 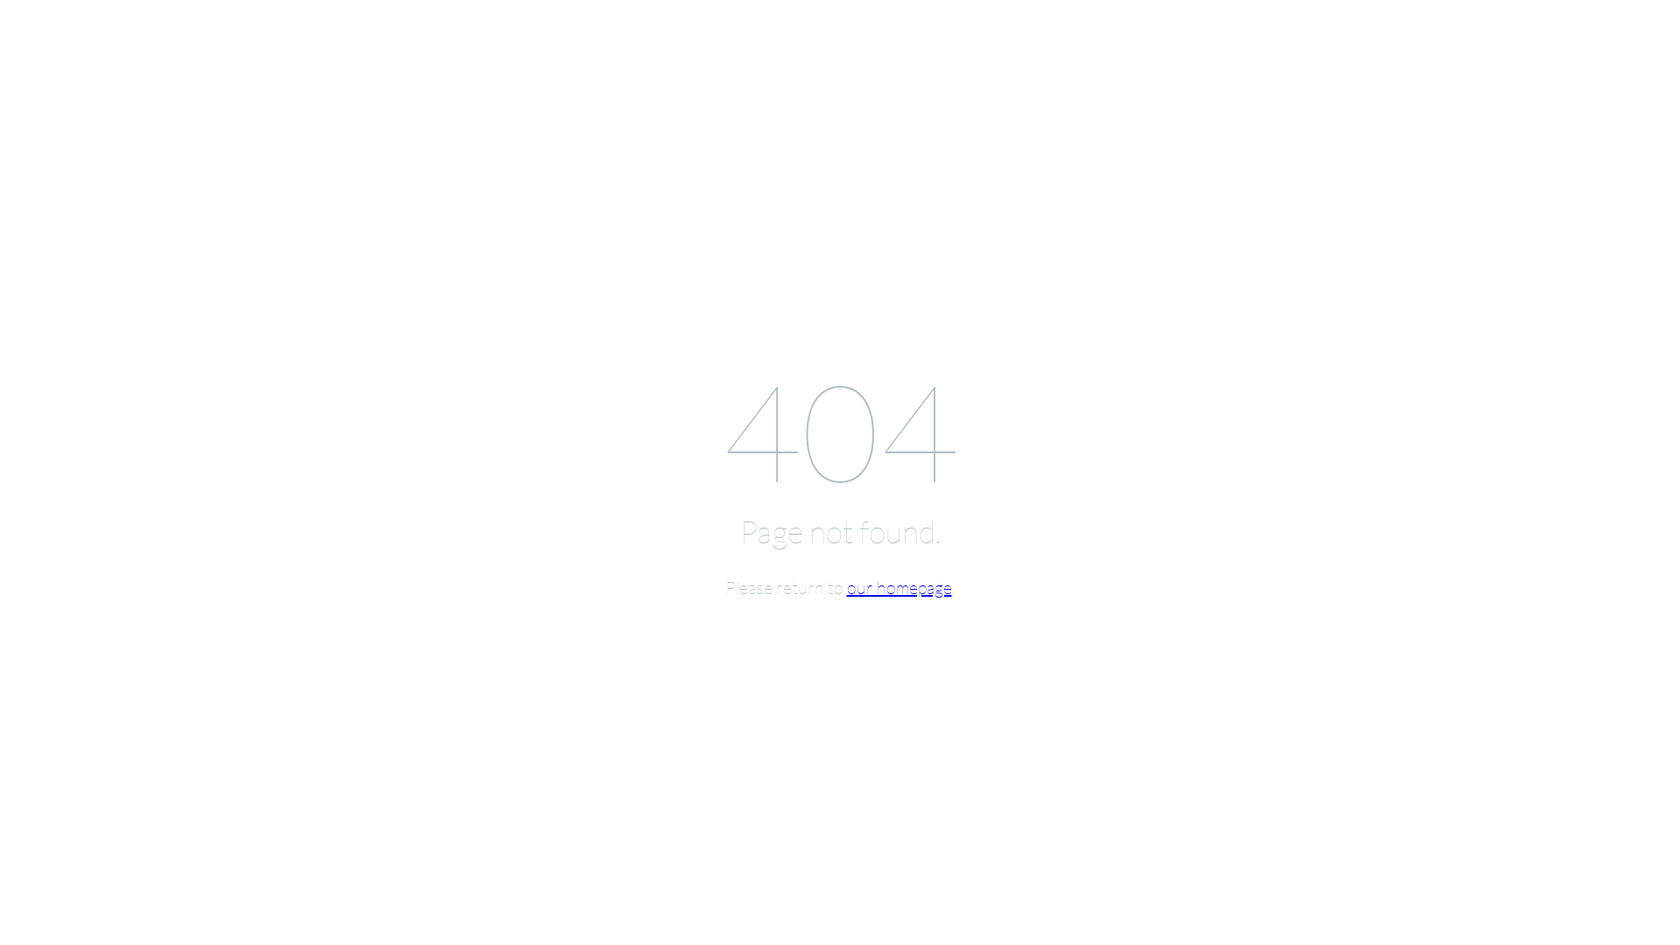 What do you see at coordinates (899, 586) in the screenshot?
I see `'our homepage'` at bounding box center [899, 586].